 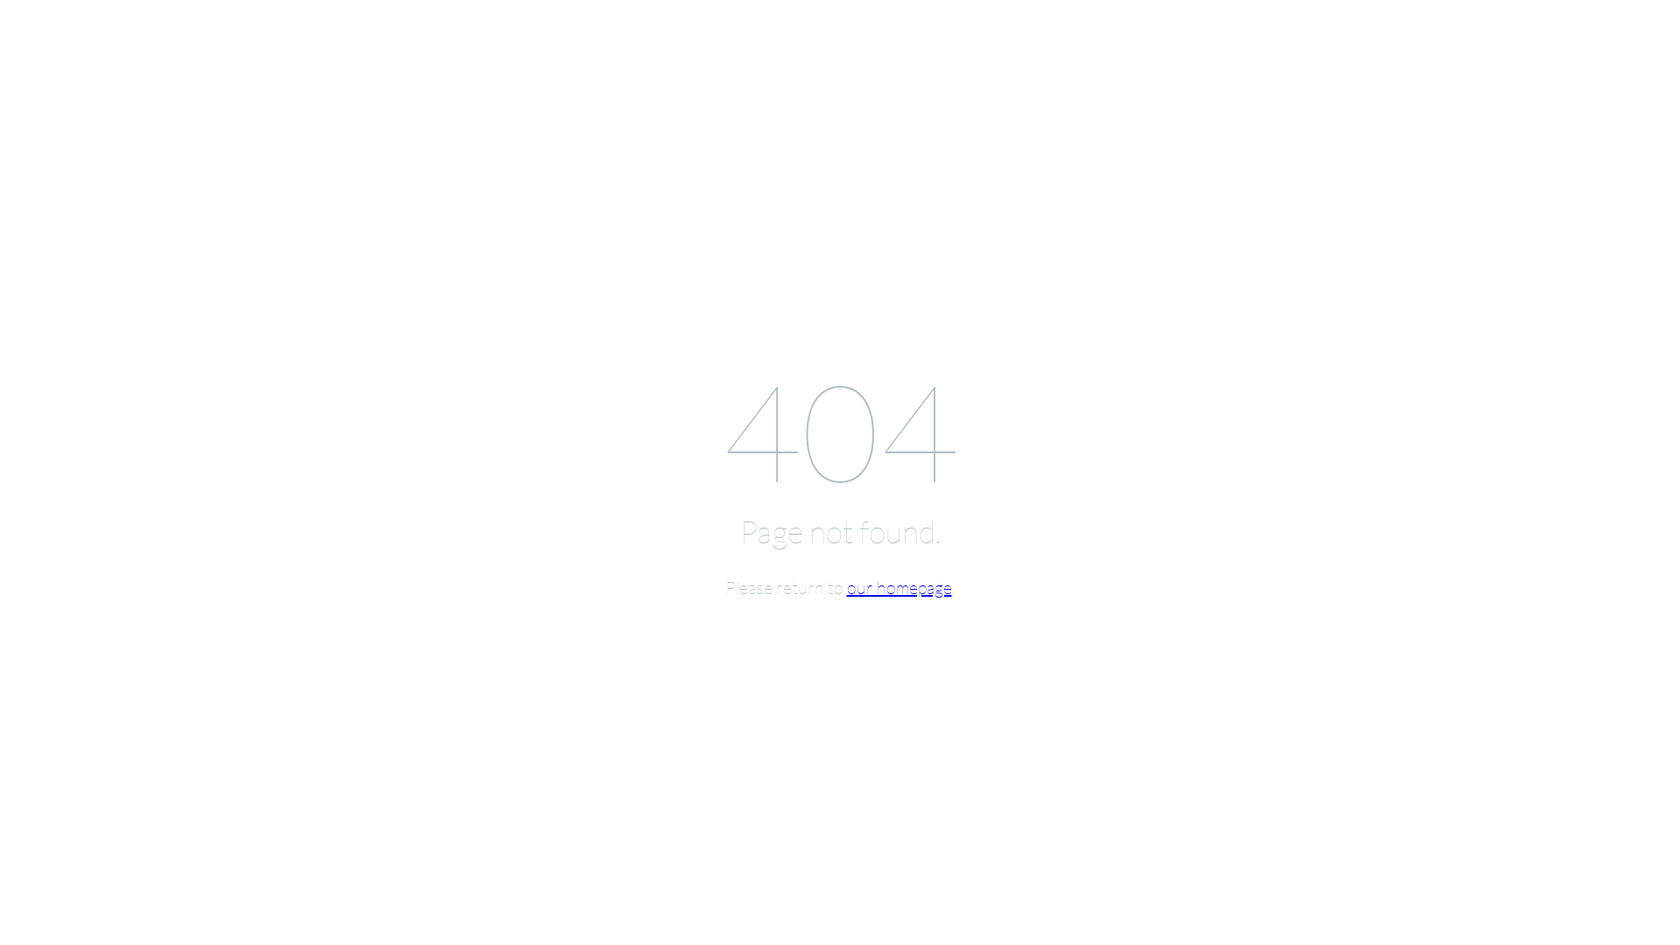 What do you see at coordinates (899, 586) in the screenshot?
I see `'our homepage'` at bounding box center [899, 586].